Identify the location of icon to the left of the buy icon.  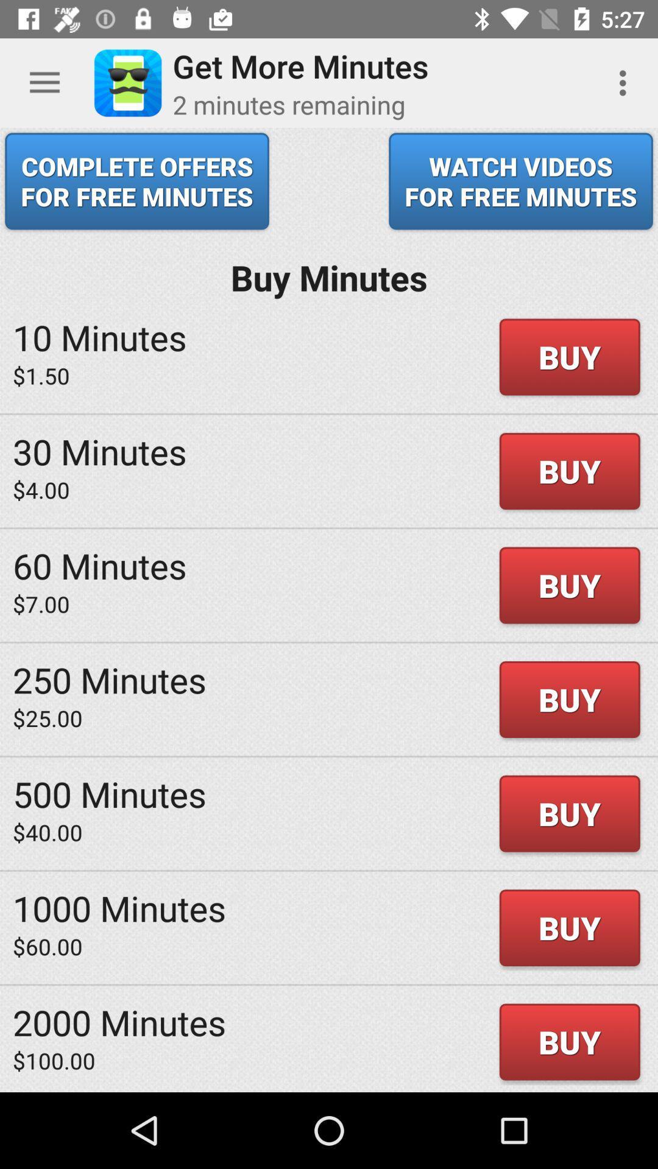
(99, 564).